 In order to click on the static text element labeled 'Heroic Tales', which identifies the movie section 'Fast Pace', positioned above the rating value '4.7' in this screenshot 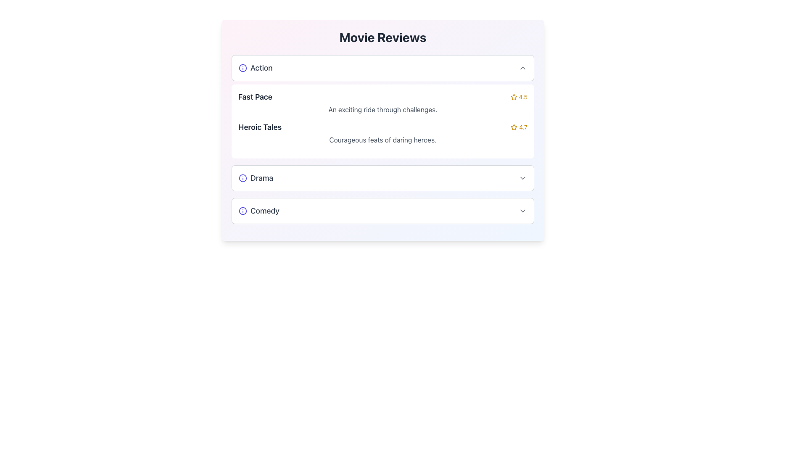, I will do `click(259, 127)`.